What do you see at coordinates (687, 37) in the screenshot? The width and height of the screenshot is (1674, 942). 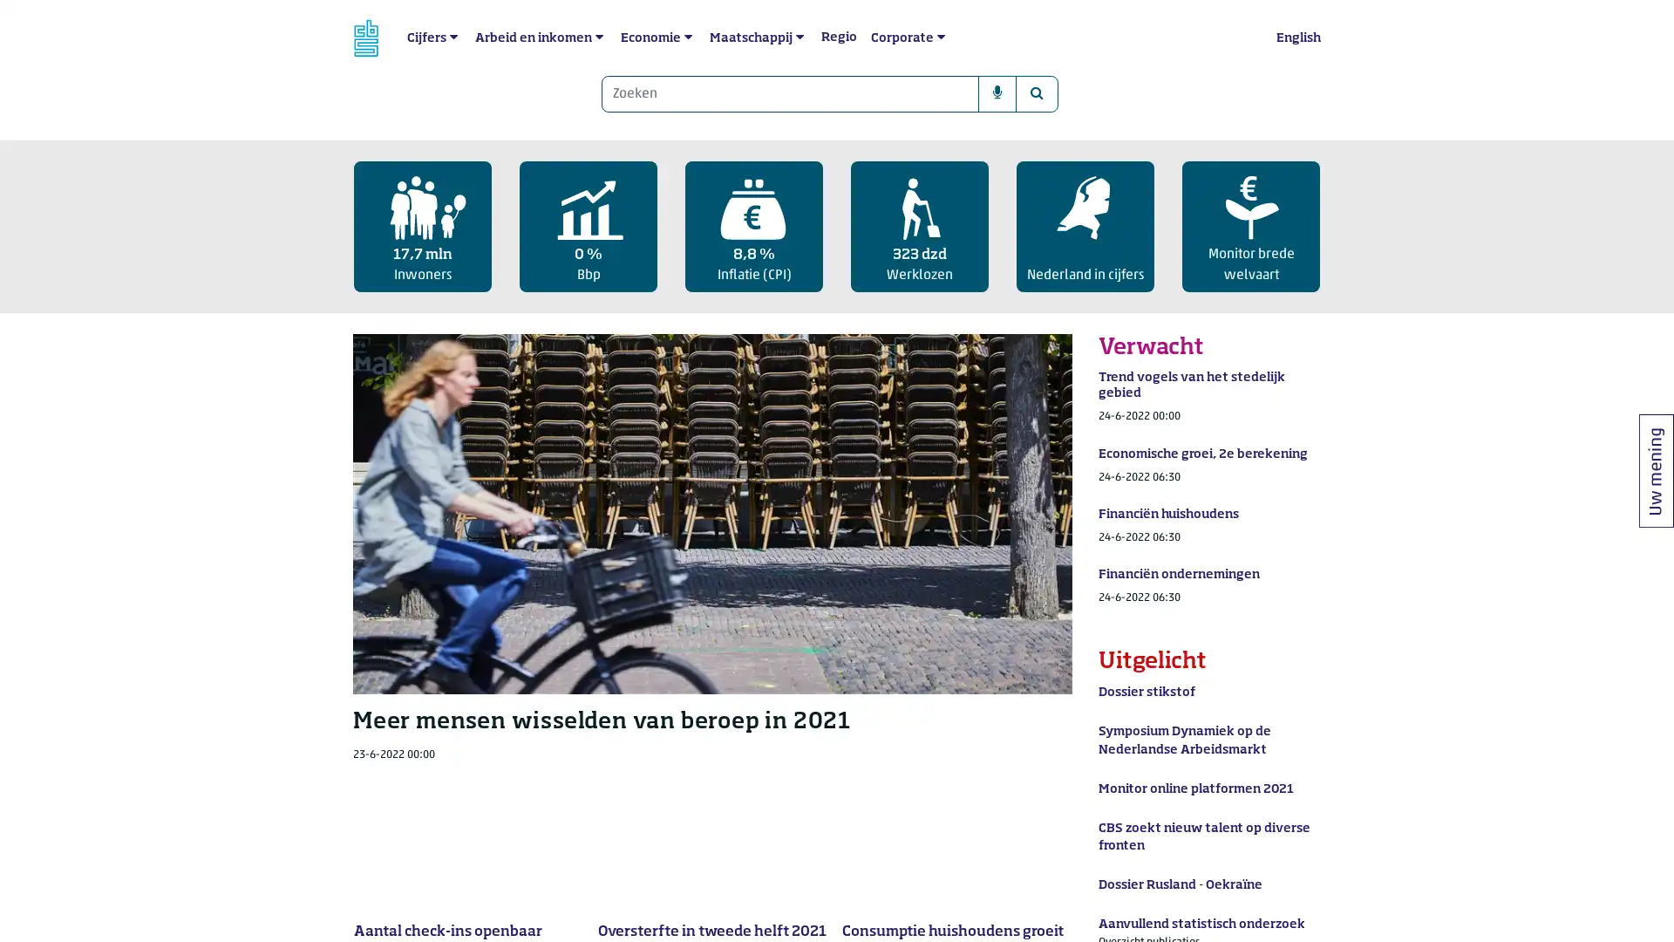 I see `submenu Economie` at bounding box center [687, 37].